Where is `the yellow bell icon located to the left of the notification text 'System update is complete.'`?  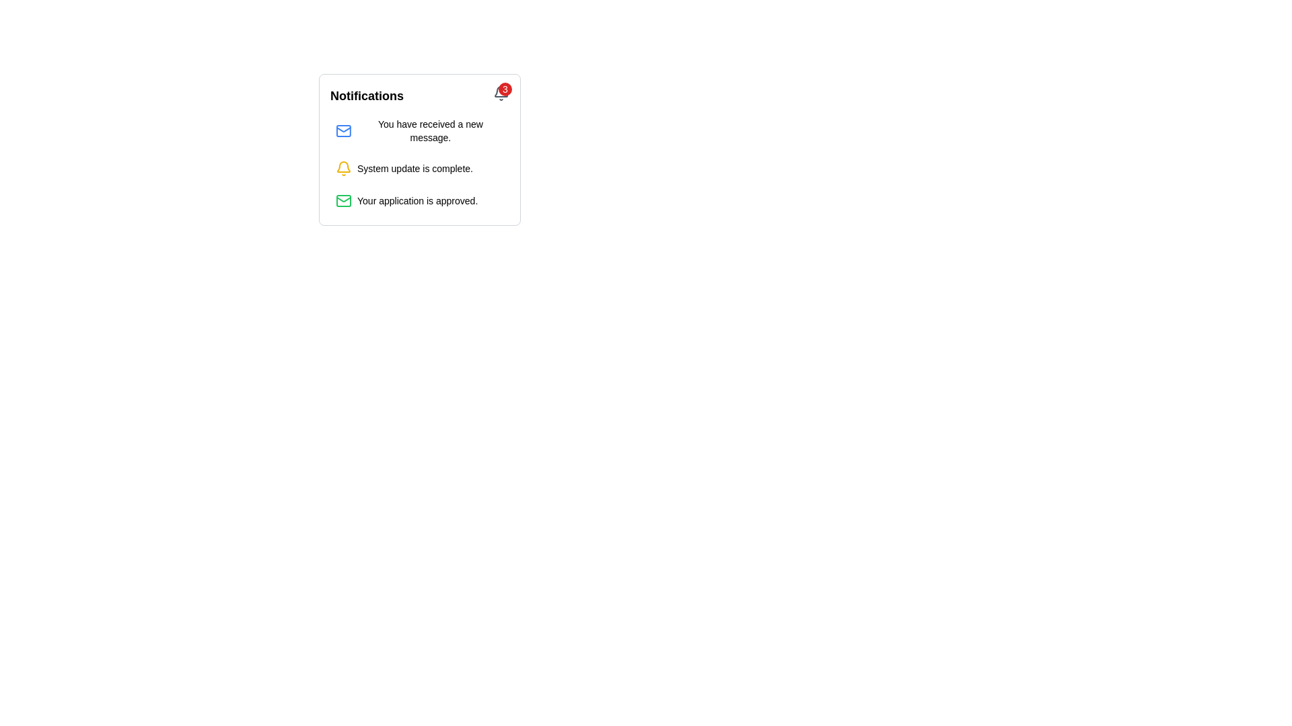
the yellow bell icon located to the left of the notification text 'System update is complete.' is located at coordinates (343, 167).